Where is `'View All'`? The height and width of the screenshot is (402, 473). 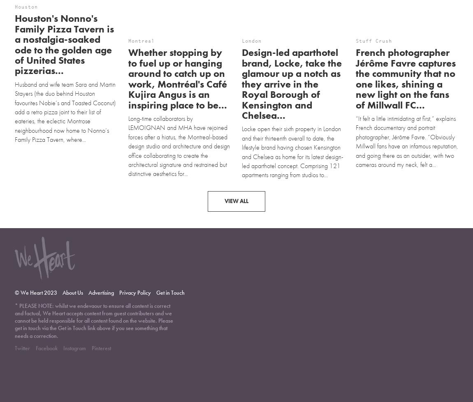
'View All' is located at coordinates (236, 166).